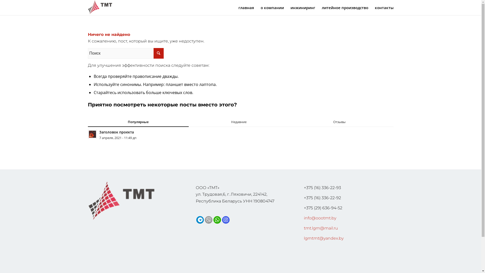 This screenshot has height=273, width=485. What do you see at coordinates (304, 218) in the screenshot?
I see `'info@oootmt.by'` at bounding box center [304, 218].